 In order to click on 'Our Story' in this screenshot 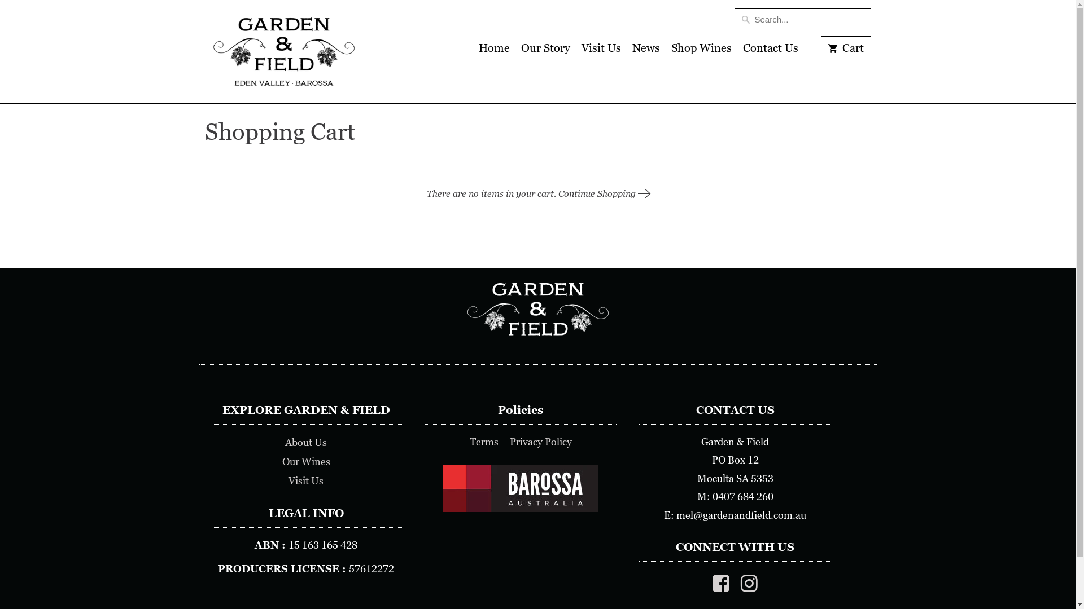, I will do `click(545, 51)`.